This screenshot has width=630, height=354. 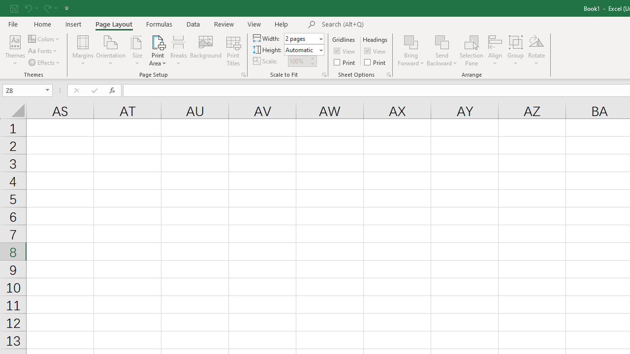 I want to click on 'Themes', so click(x=15, y=51).